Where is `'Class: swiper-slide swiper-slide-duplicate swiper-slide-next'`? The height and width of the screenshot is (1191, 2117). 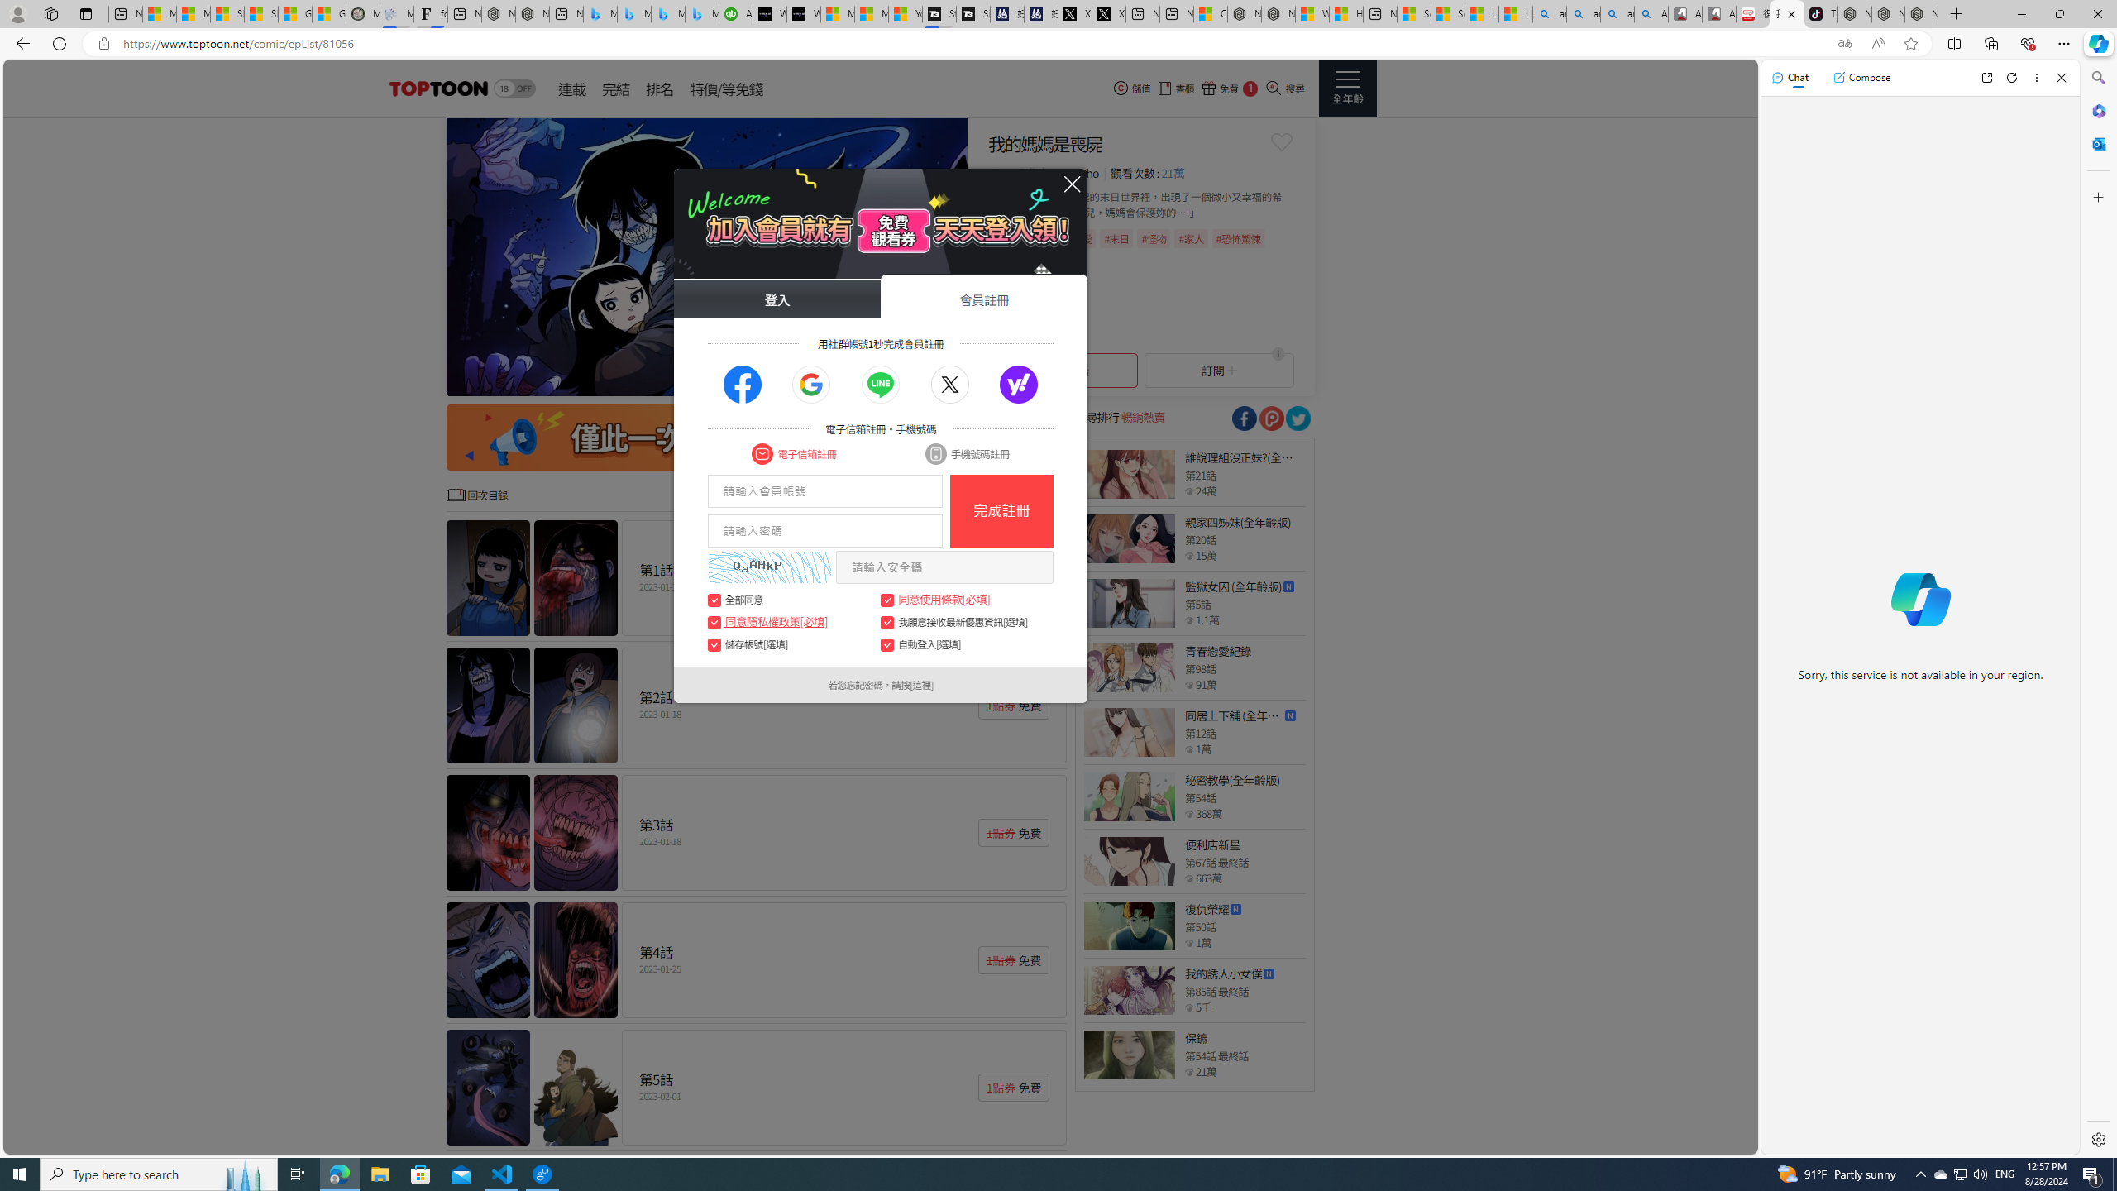
'Class: swiper-slide swiper-slide-duplicate swiper-slide-next' is located at coordinates (707, 256).